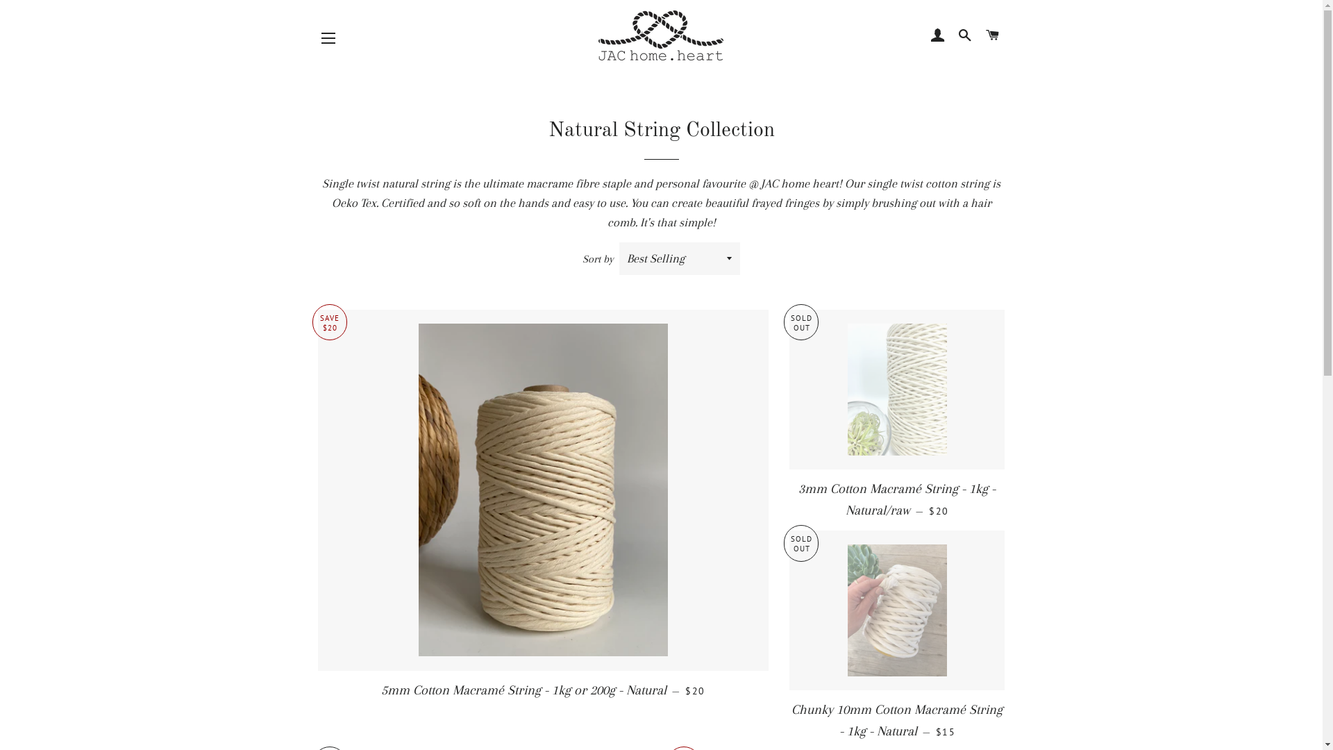 The height and width of the screenshot is (750, 1333). Describe the element at coordinates (991, 34) in the screenshot. I see `'CART'` at that location.